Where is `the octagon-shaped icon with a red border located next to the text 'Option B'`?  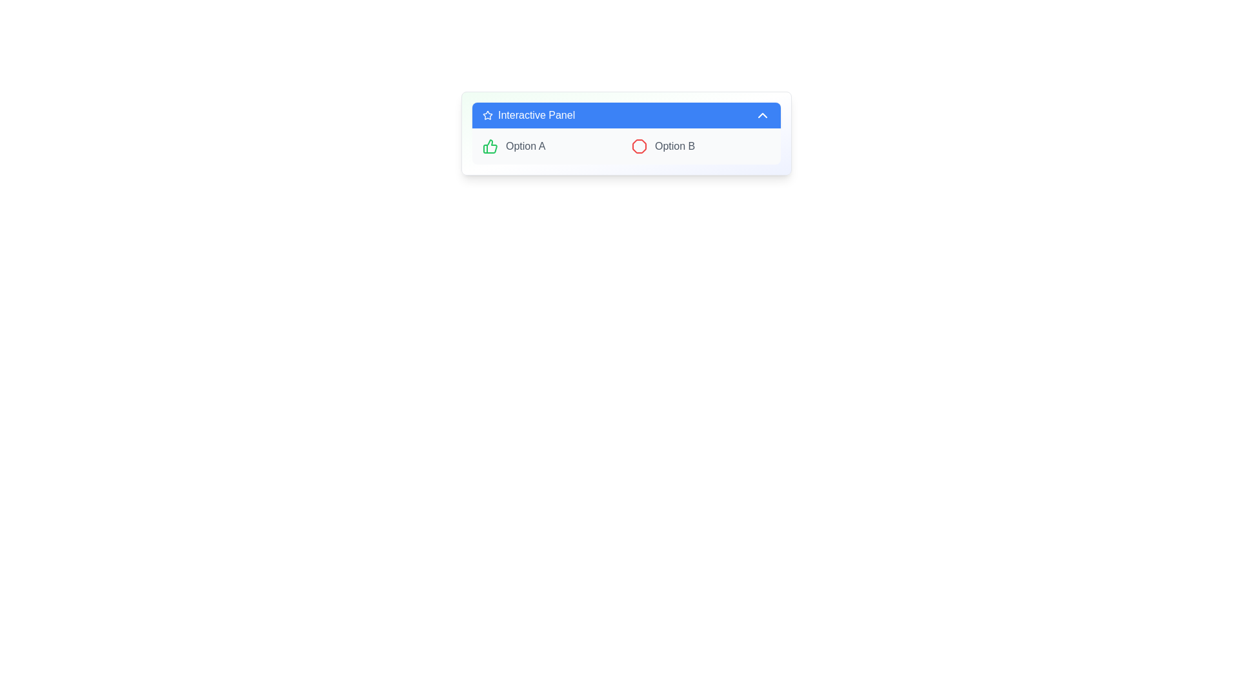
the octagon-shaped icon with a red border located next to the text 'Option B' is located at coordinates (639, 146).